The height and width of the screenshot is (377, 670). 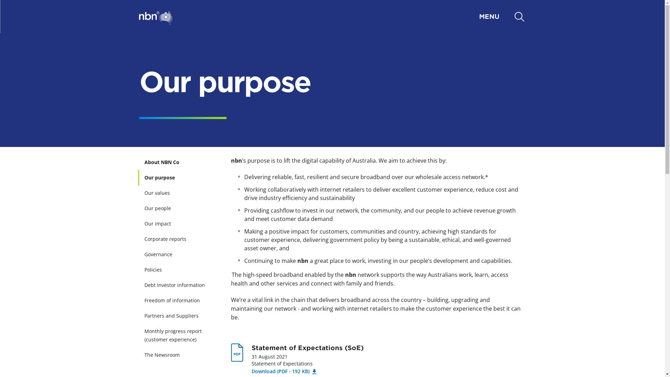 I want to click on 'Policies', so click(x=179, y=269).